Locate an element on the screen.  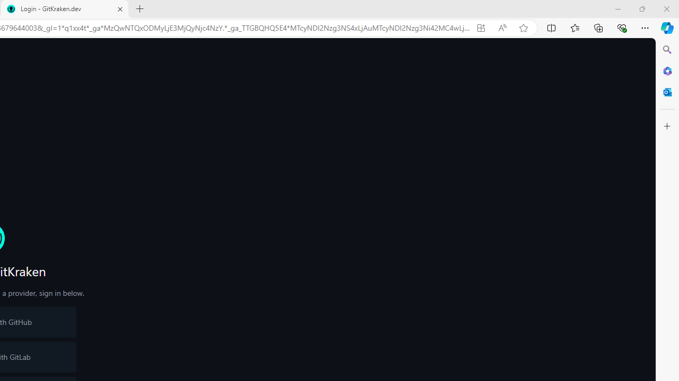
'App available. Install GitKraken.dev' is located at coordinates (480, 28).